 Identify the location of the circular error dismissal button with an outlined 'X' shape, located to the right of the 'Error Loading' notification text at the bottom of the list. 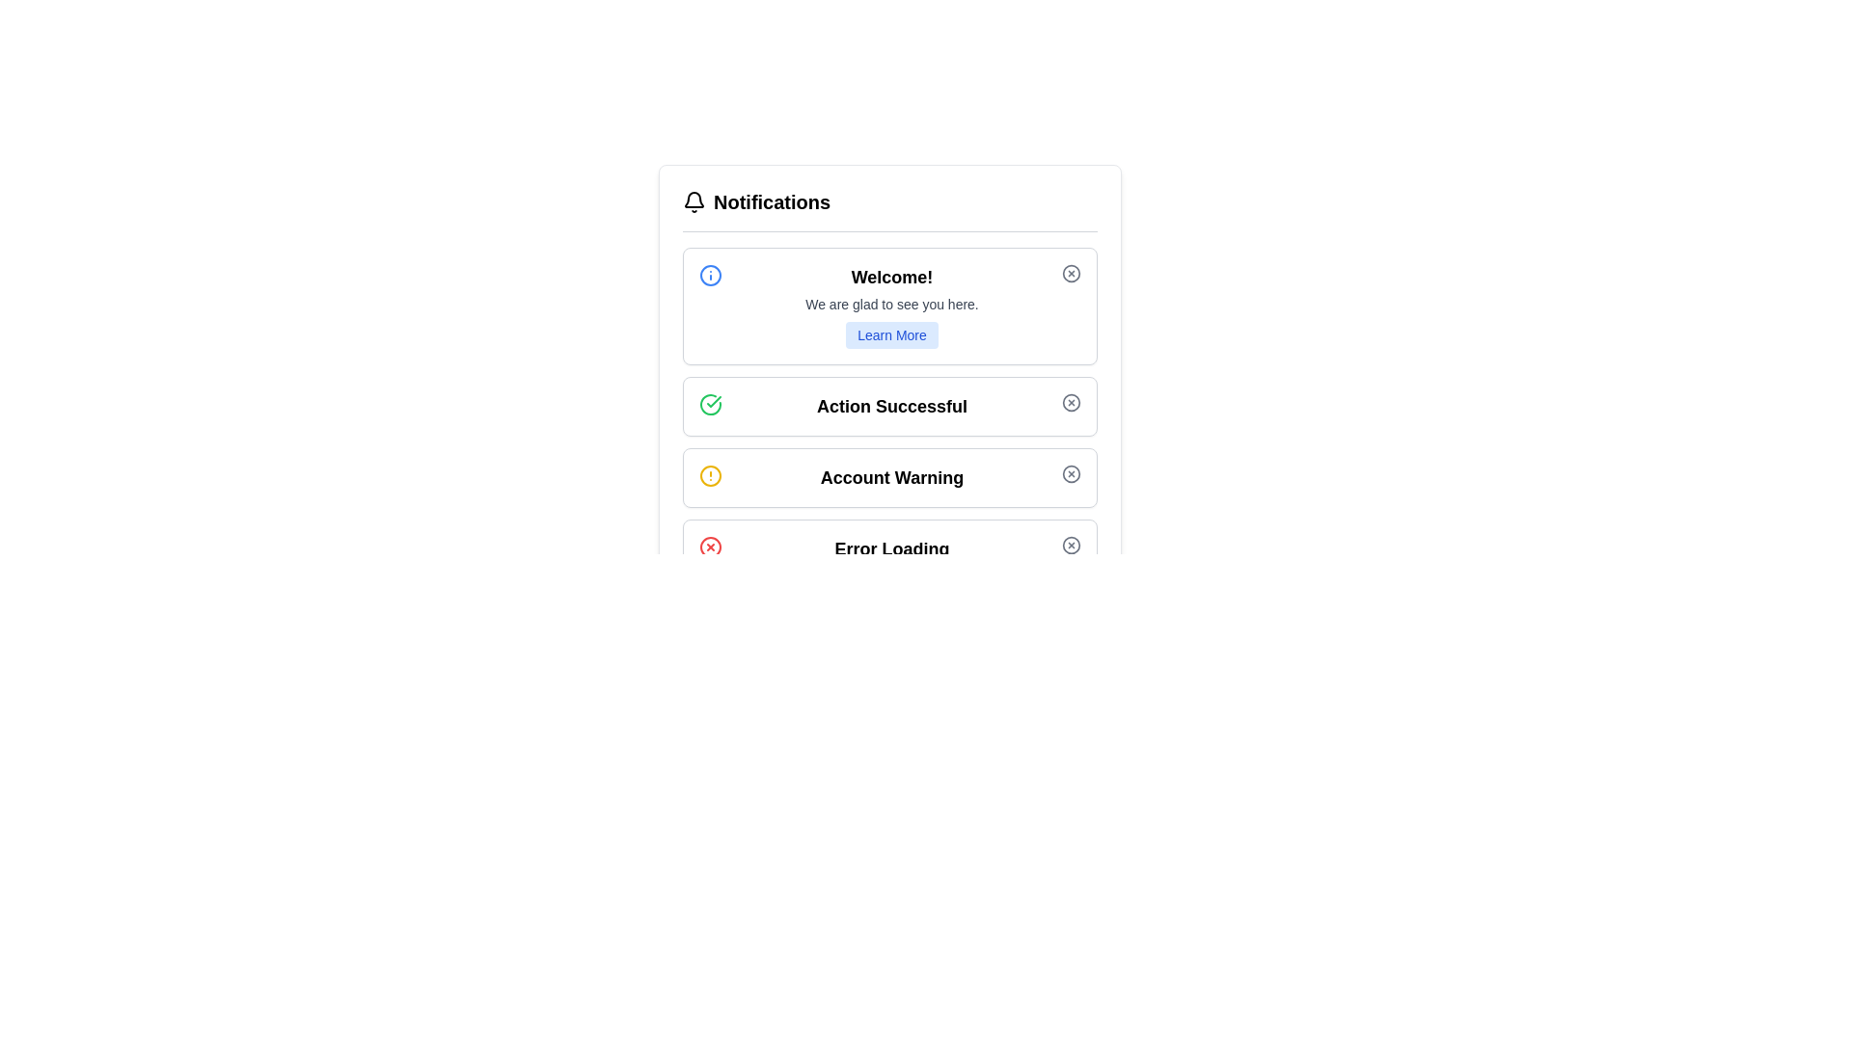
(1070, 546).